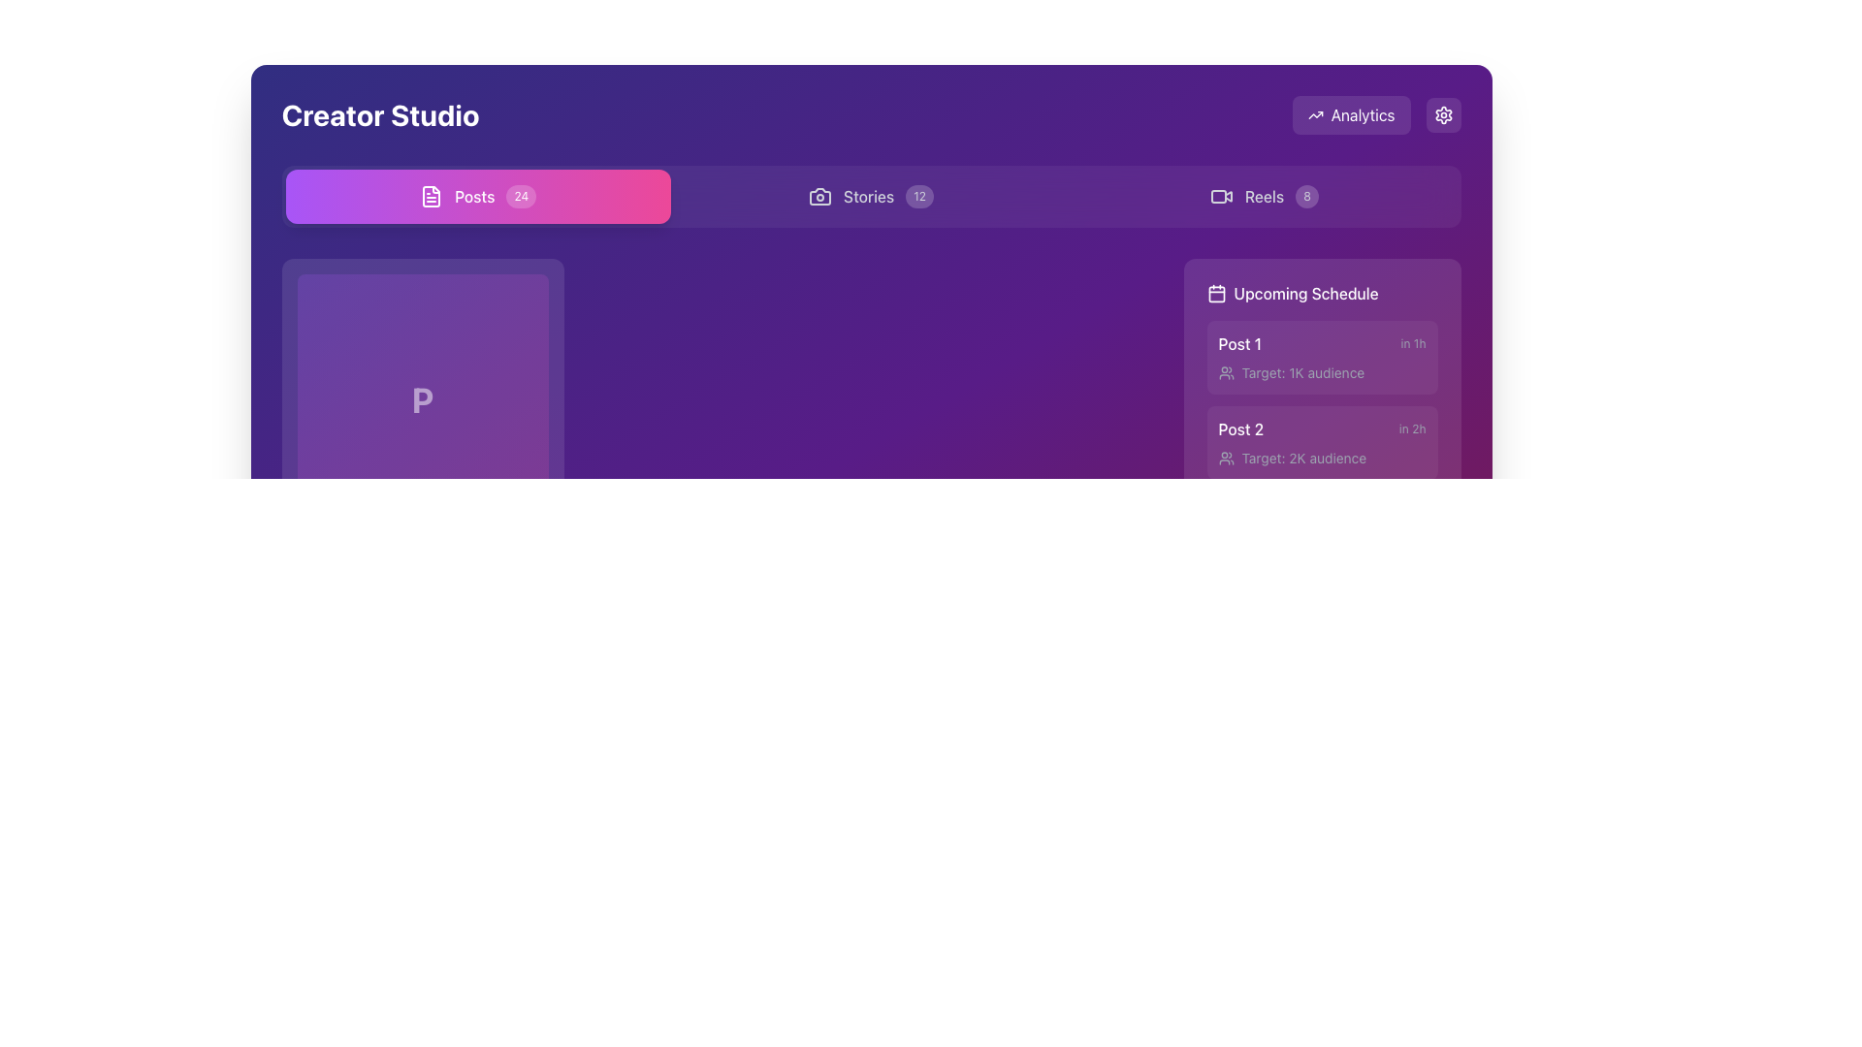  Describe the element at coordinates (819, 197) in the screenshot. I see `the camera-shaped vector graphic icon located within the 'Stories' button, which is distinguished by a red symbol and the number '12'` at that location.